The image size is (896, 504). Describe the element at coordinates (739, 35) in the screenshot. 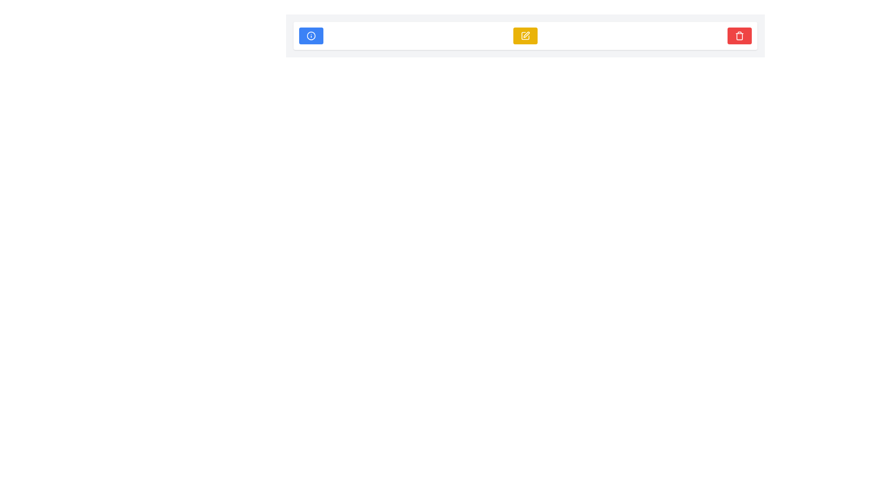

I see `the trash can icon button located at the rightmost part of the horizontal action bar` at that location.